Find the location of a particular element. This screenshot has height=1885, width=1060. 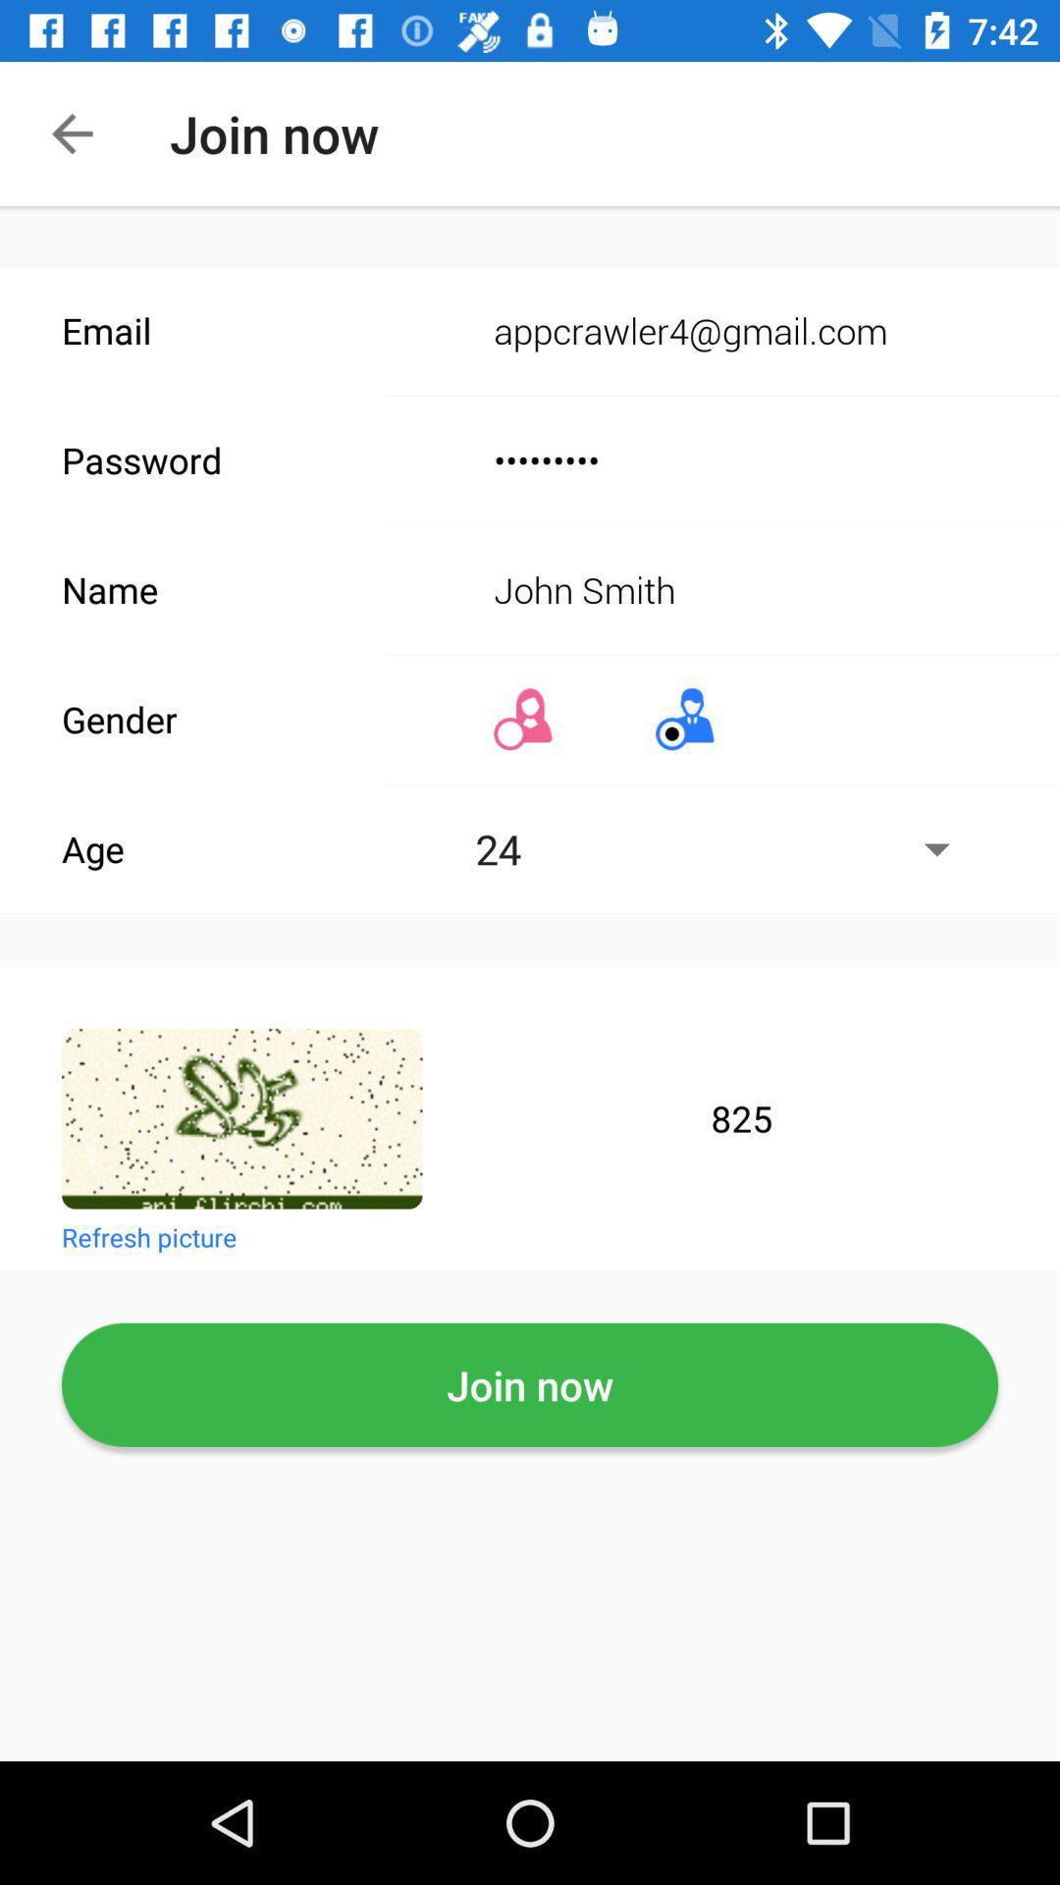

the text which is next to the name is located at coordinates (726, 589).